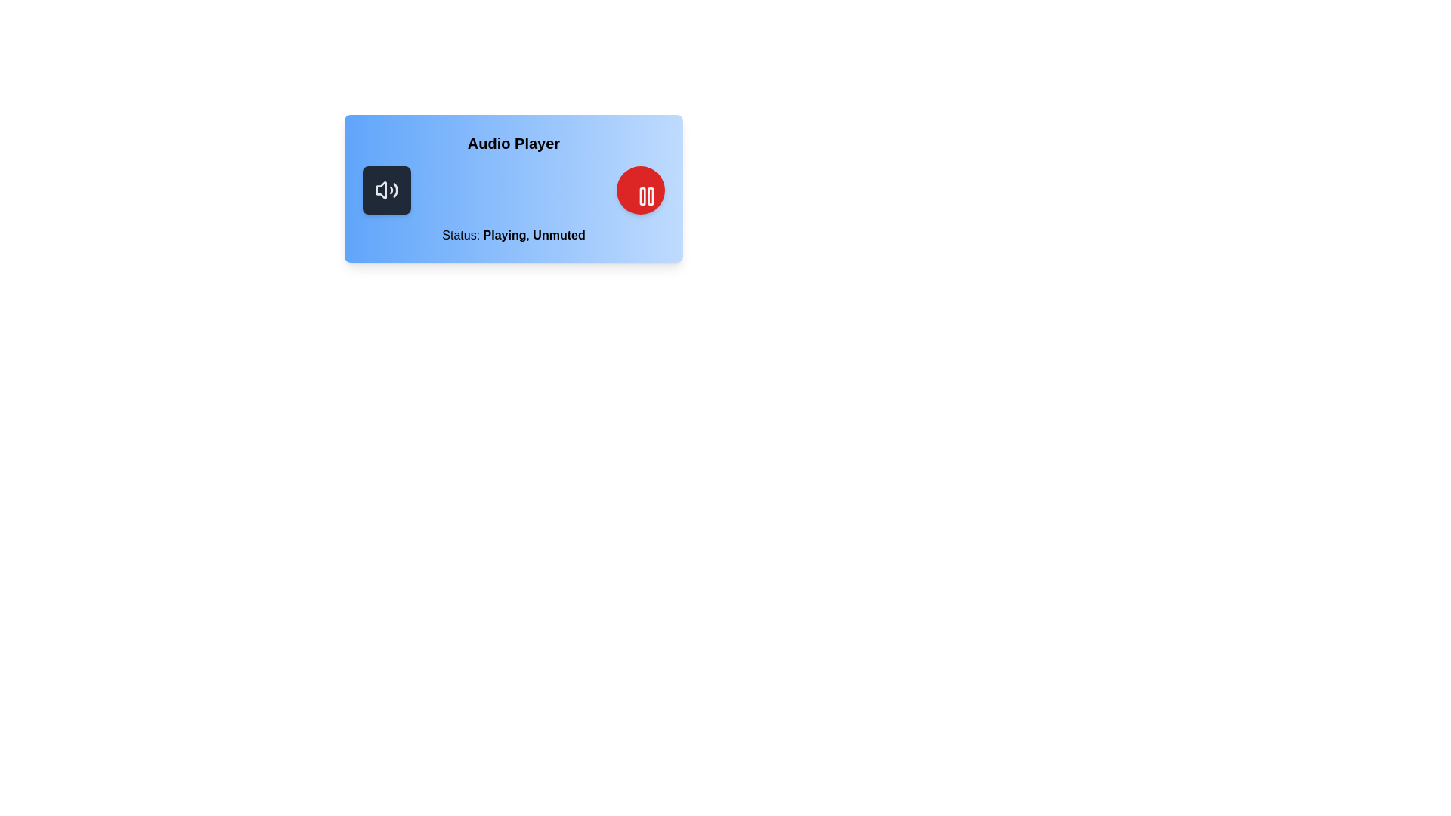  I want to click on the circular button to toggle the play/pause state, so click(641, 189).